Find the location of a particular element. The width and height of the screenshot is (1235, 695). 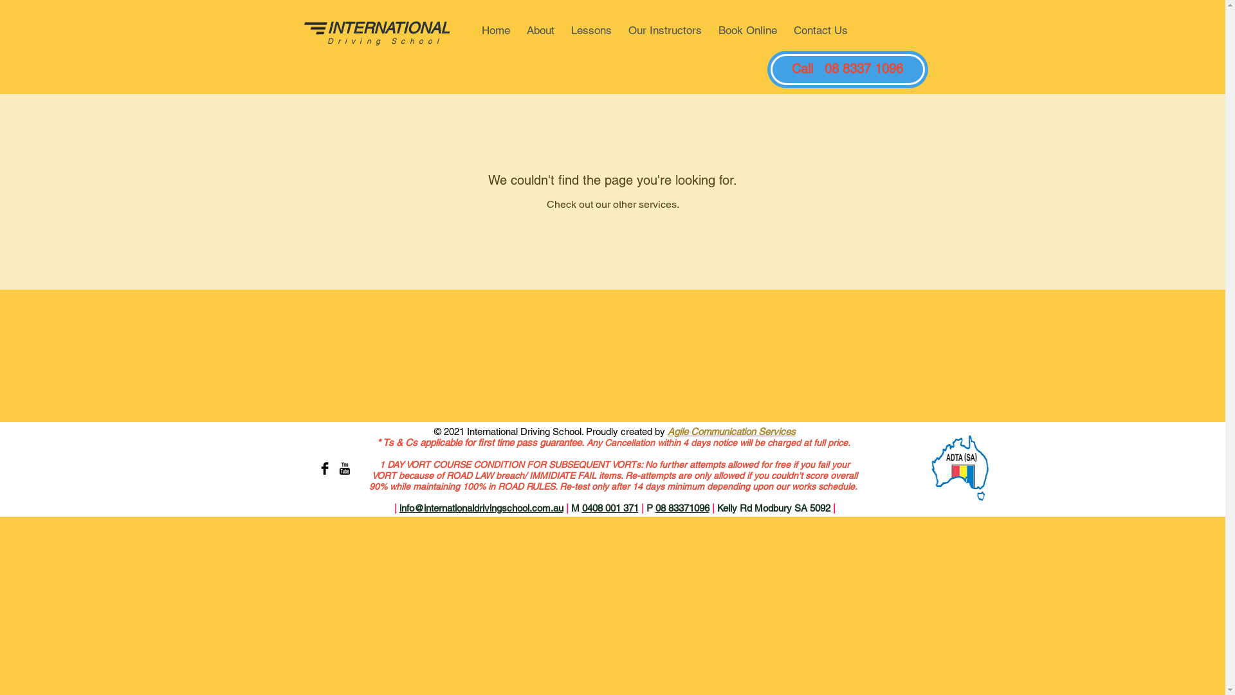

'Lessons' is located at coordinates (590, 30).